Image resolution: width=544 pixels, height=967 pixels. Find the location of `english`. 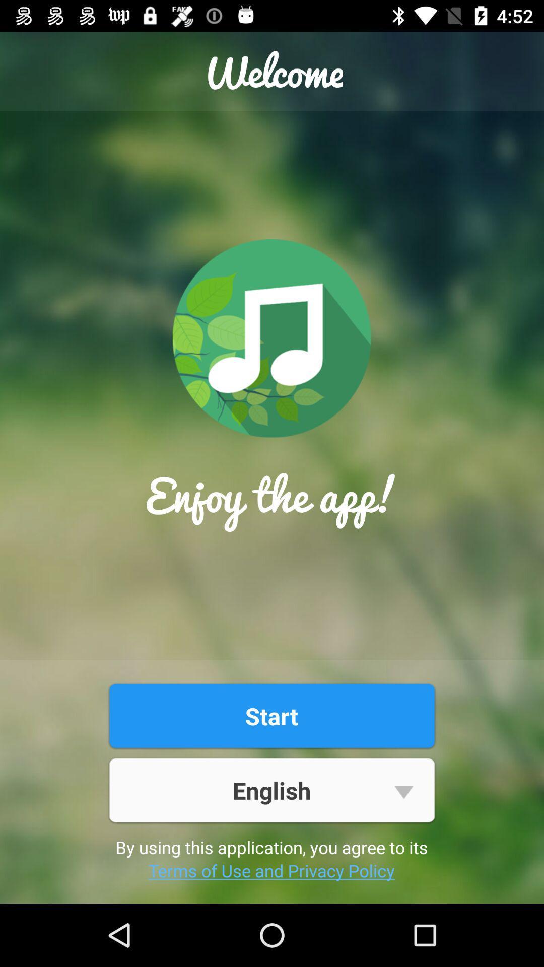

english is located at coordinates (271, 790).